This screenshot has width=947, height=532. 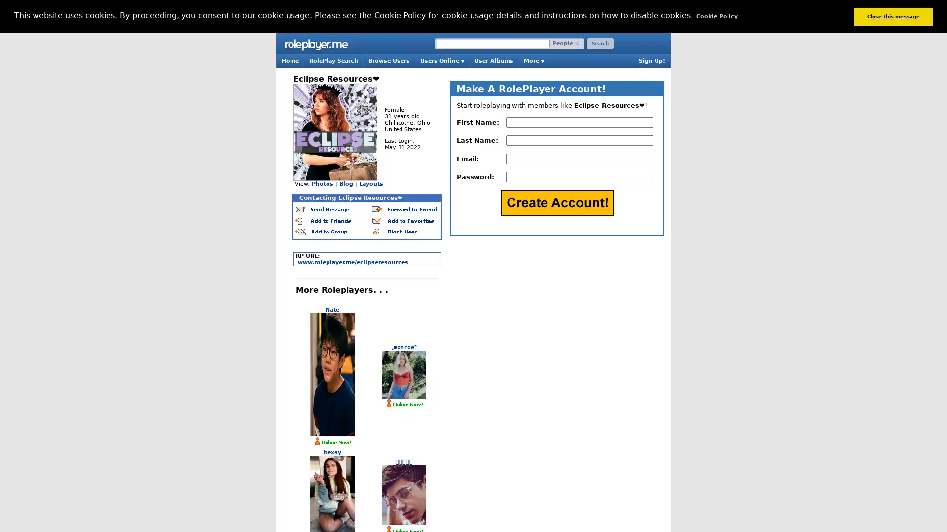 I want to click on learn more about cookies, so click(x=717, y=16).